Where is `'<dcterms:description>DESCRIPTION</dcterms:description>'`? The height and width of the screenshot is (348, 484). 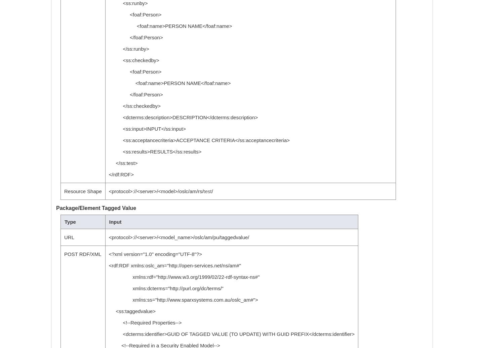
'<dcterms:description>DESCRIPTION</dcterms:description>' is located at coordinates (183, 117).